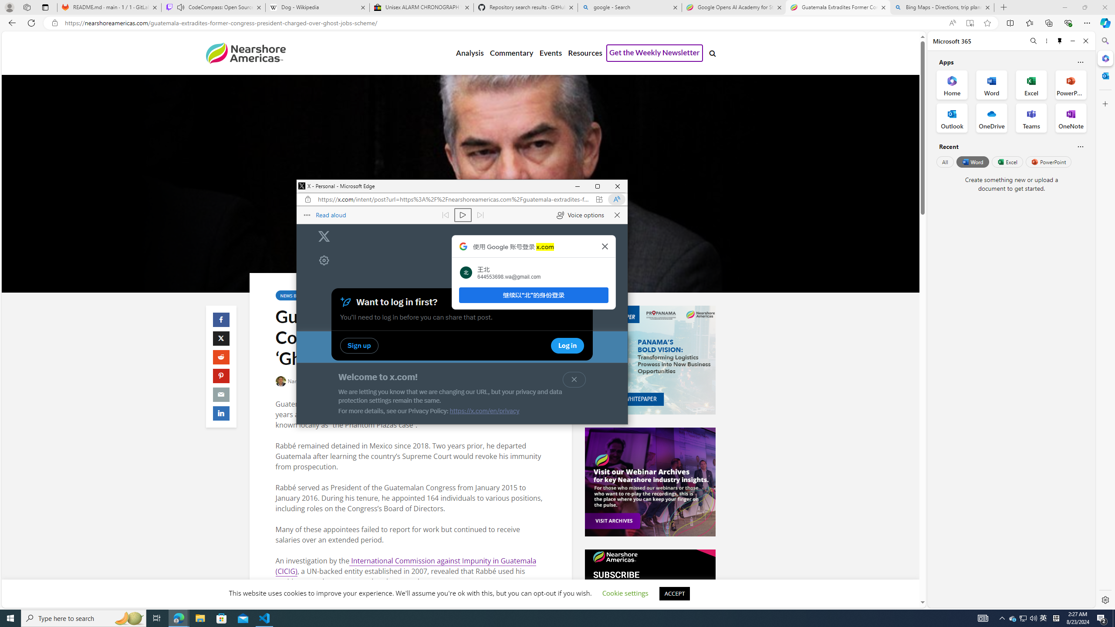 Image resolution: width=1115 pixels, height=627 pixels. I want to click on 'Voice options', so click(580, 215).